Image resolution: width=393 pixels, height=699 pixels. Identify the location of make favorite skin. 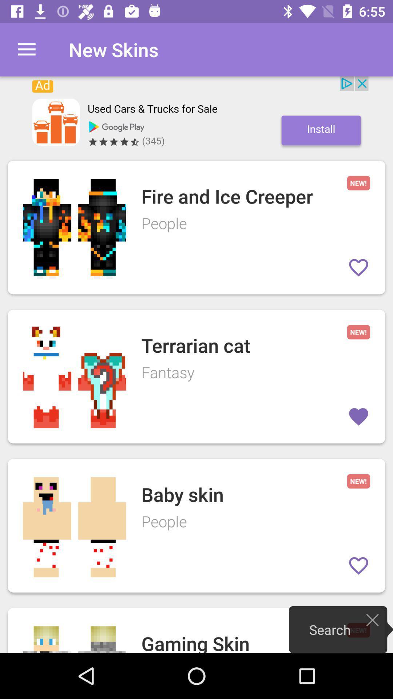
(358, 267).